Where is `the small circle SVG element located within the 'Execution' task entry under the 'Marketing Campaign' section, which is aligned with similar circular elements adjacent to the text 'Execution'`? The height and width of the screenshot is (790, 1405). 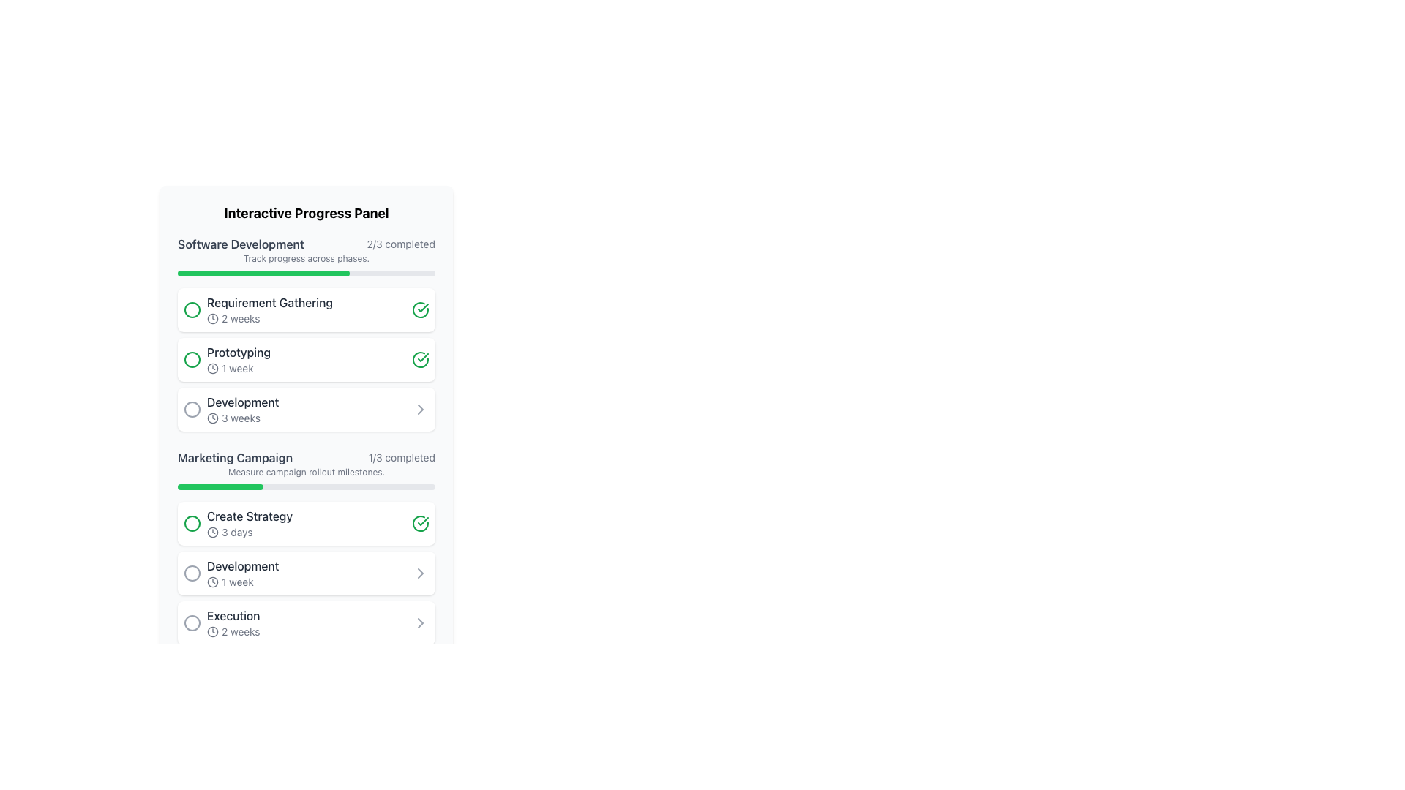
the small circle SVG element located within the 'Execution' task entry under the 'Marketing Campaign' section, which is aligned with similar circular elements adjacent to the text 'Execution' is located at coordinates (192, 623).